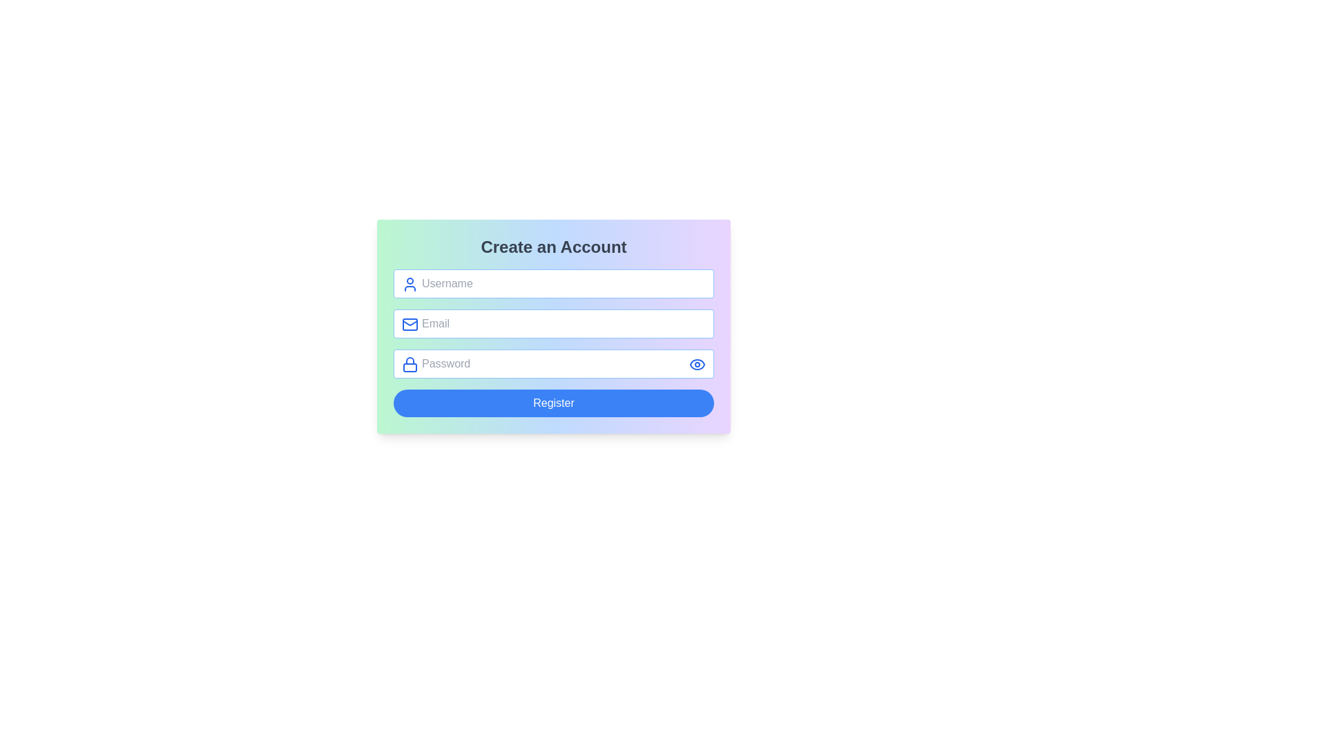 The height and width of the screenshot is (746, 1326). What do you see at coordinates (410, 325) in the screenshot?
I see `the mail icon with a blue outline located to the left of the email input field, which serves as a visual hint for entering an email address` at bounding box center [410, 325].